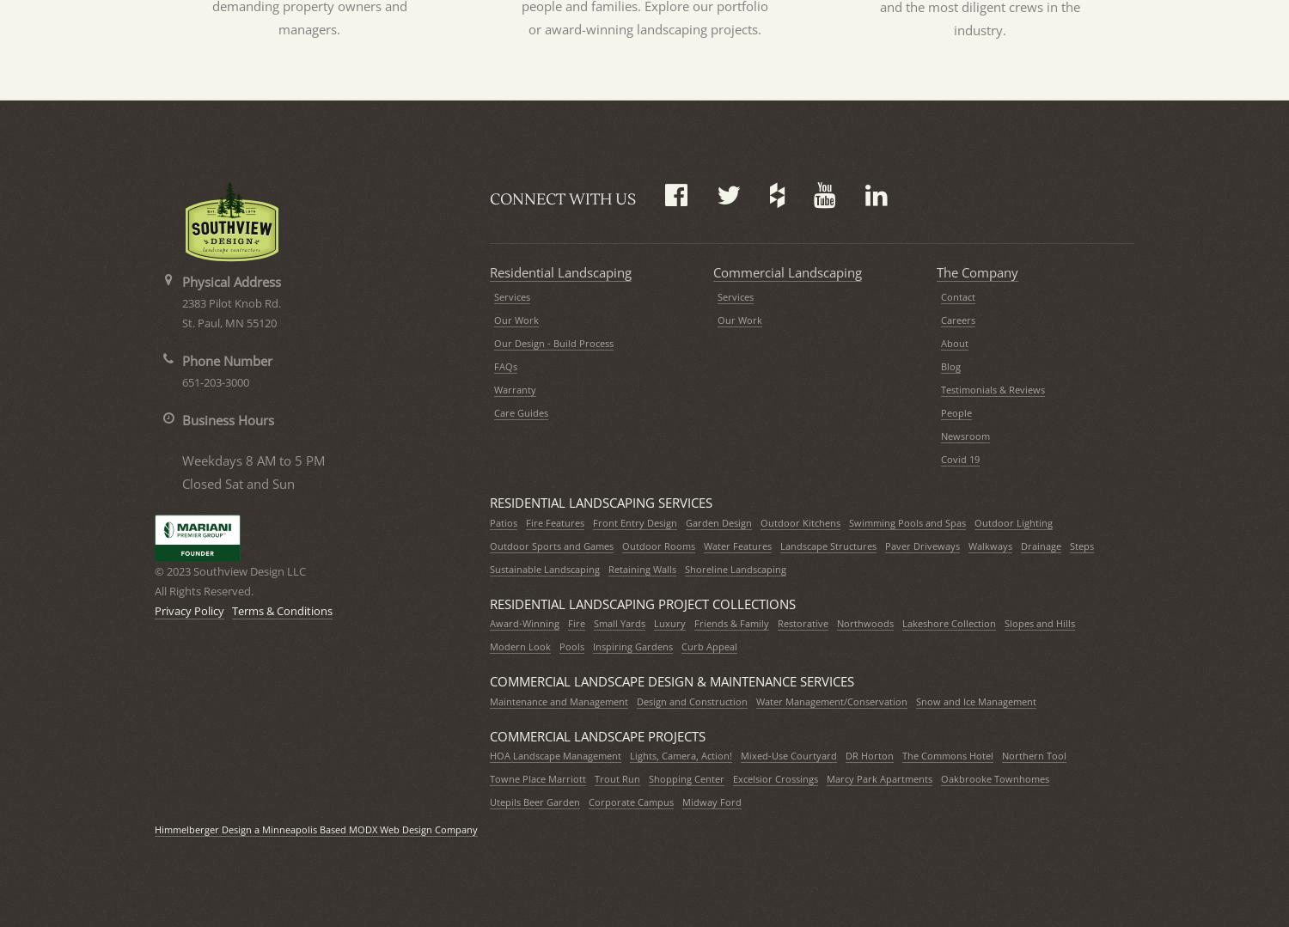 Image resolution: width=1289 pixels, height=927 pixels. What do you see at coordinates (990, 544) in the screenshot?
I see `'Walkways'` at bounding box center [990, 544].